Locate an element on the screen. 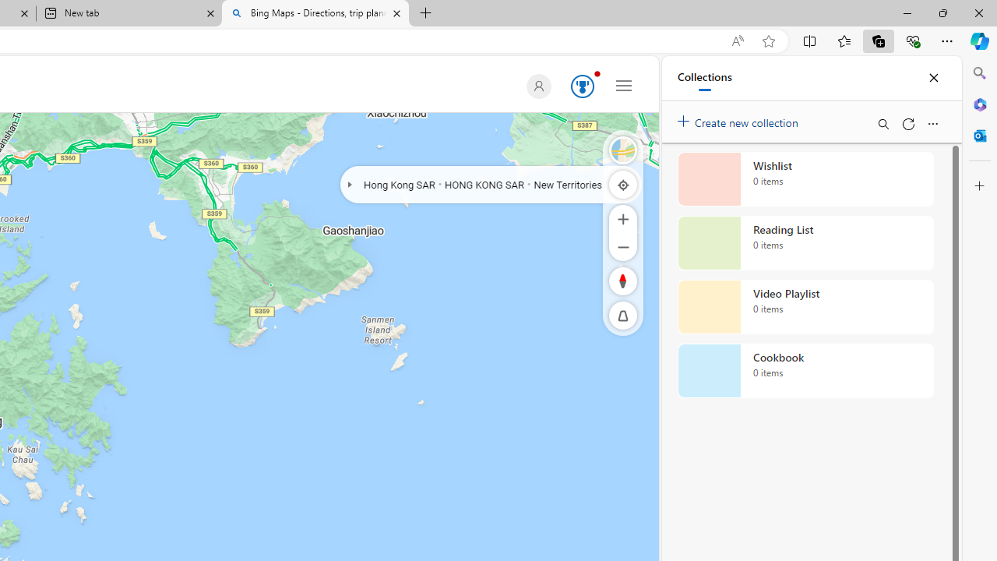  'Microsoft Rewards 63' is located at coordinates (579, 86).